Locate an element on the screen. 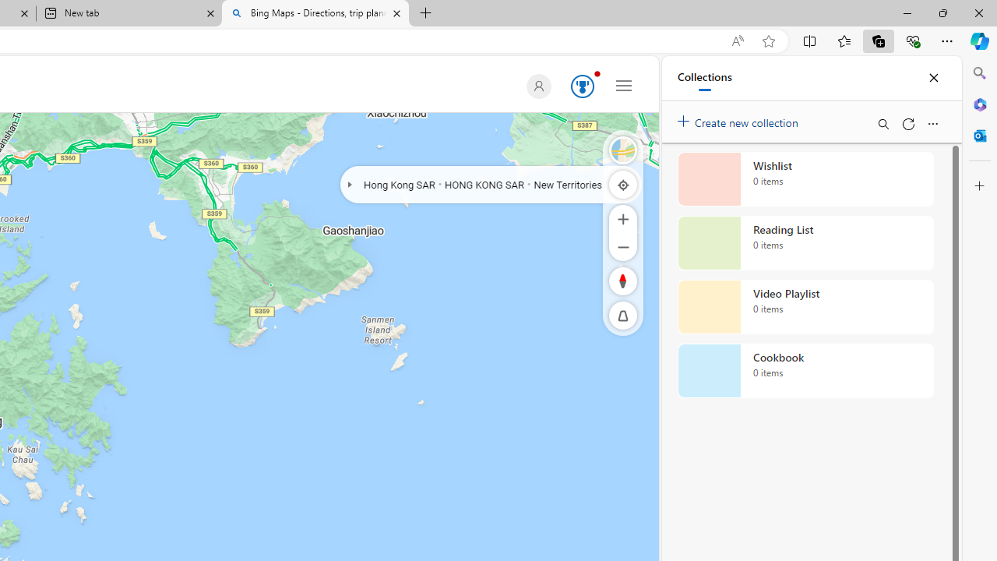  'Microsoft Rewards 63' is located at coordinates (579, 86).